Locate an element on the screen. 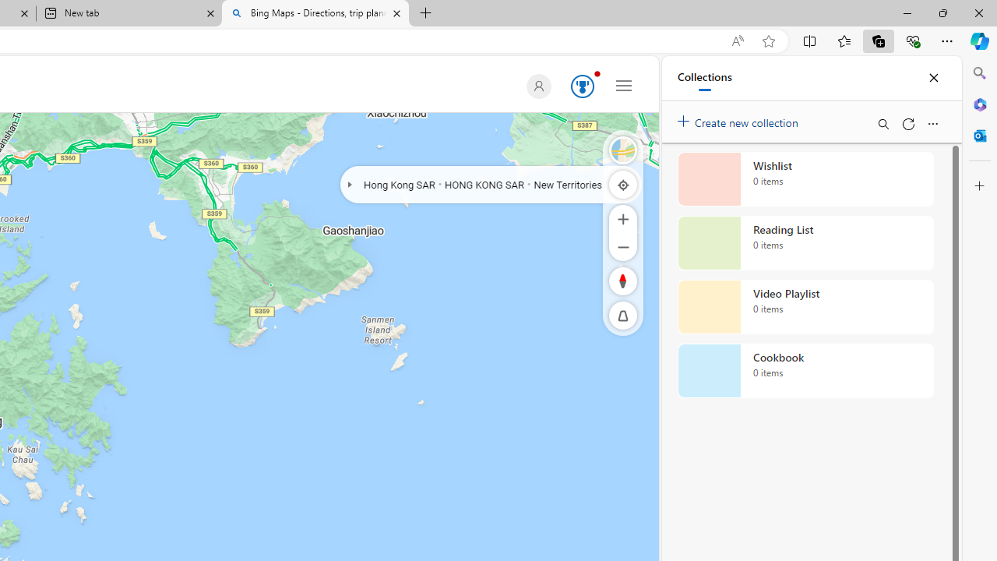  'Microsoft Rewards 63' is located at coordinates (579, 86).